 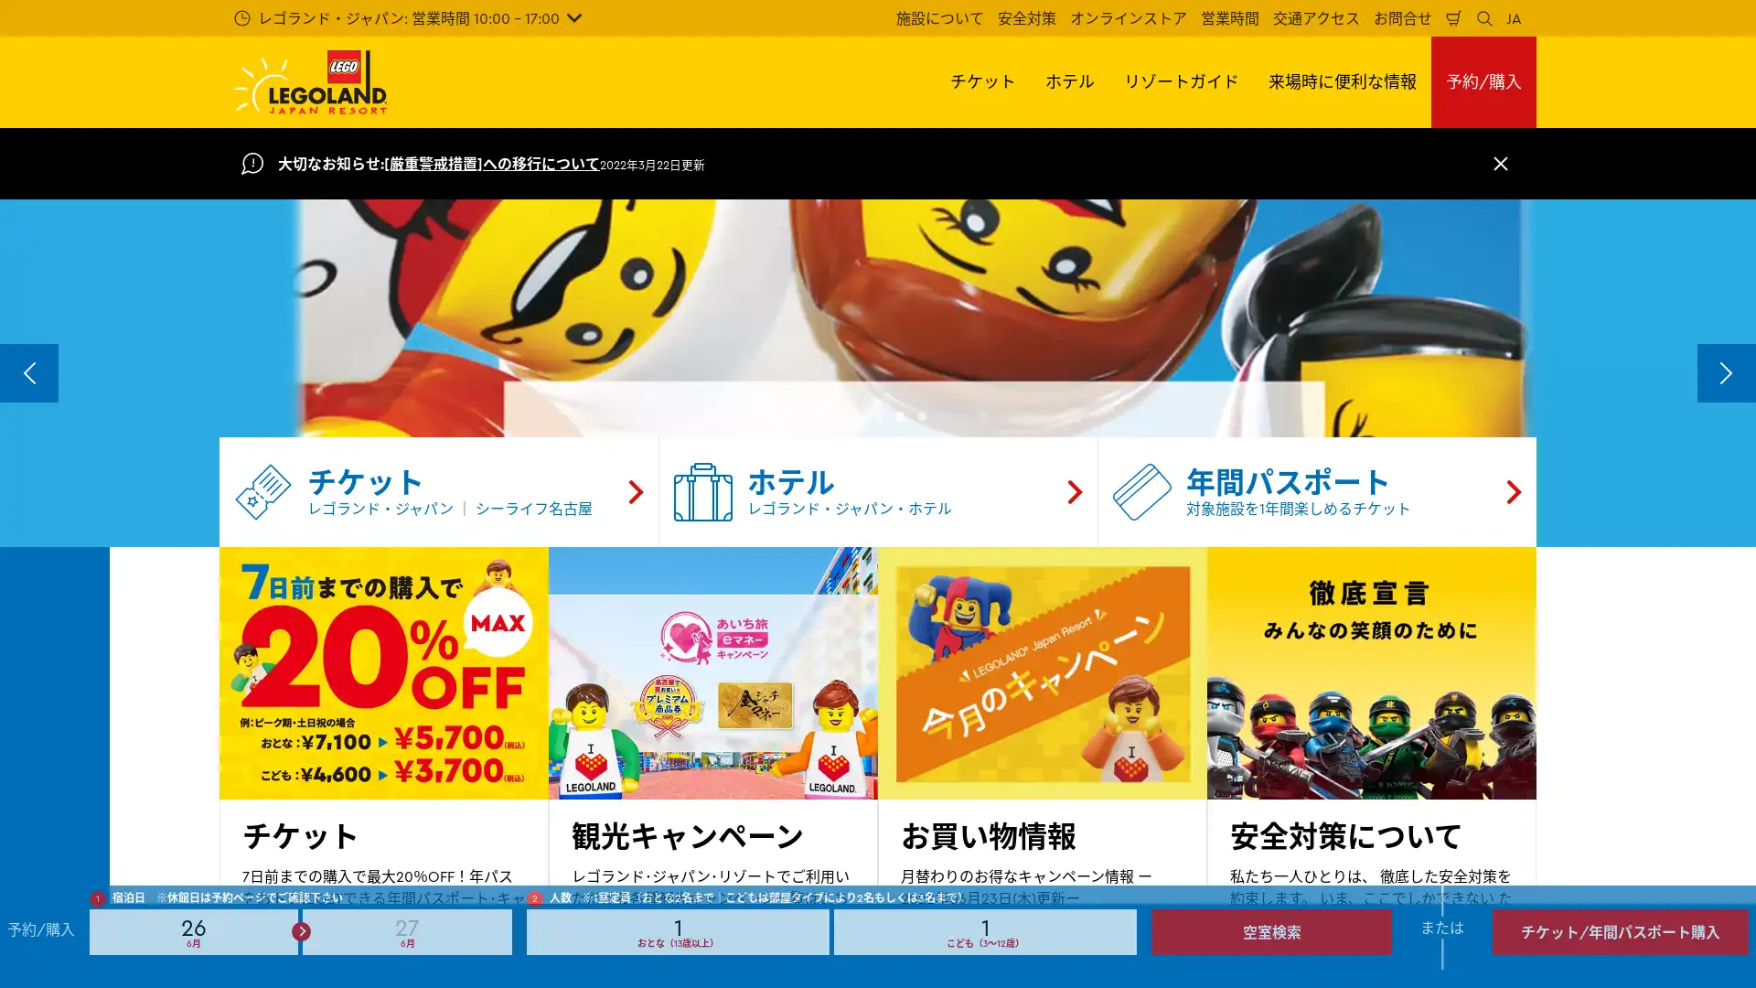 I want to click on JA, so click(x=1514, y=17).